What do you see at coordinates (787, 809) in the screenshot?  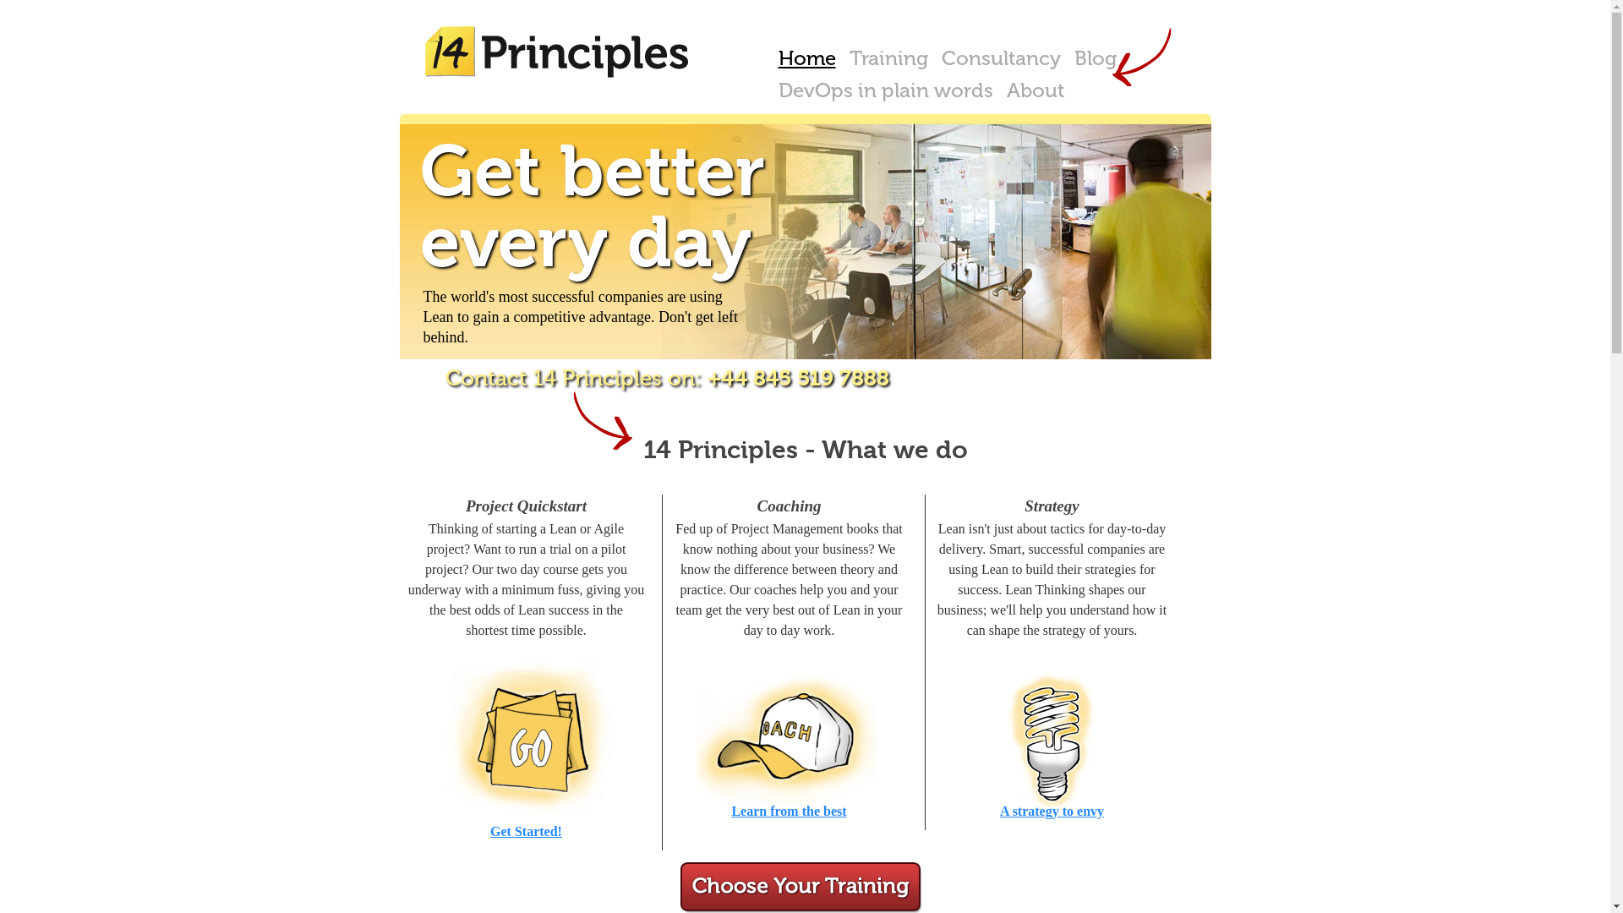 I see `'Learn from the best'` at bounding box center [787, 809].